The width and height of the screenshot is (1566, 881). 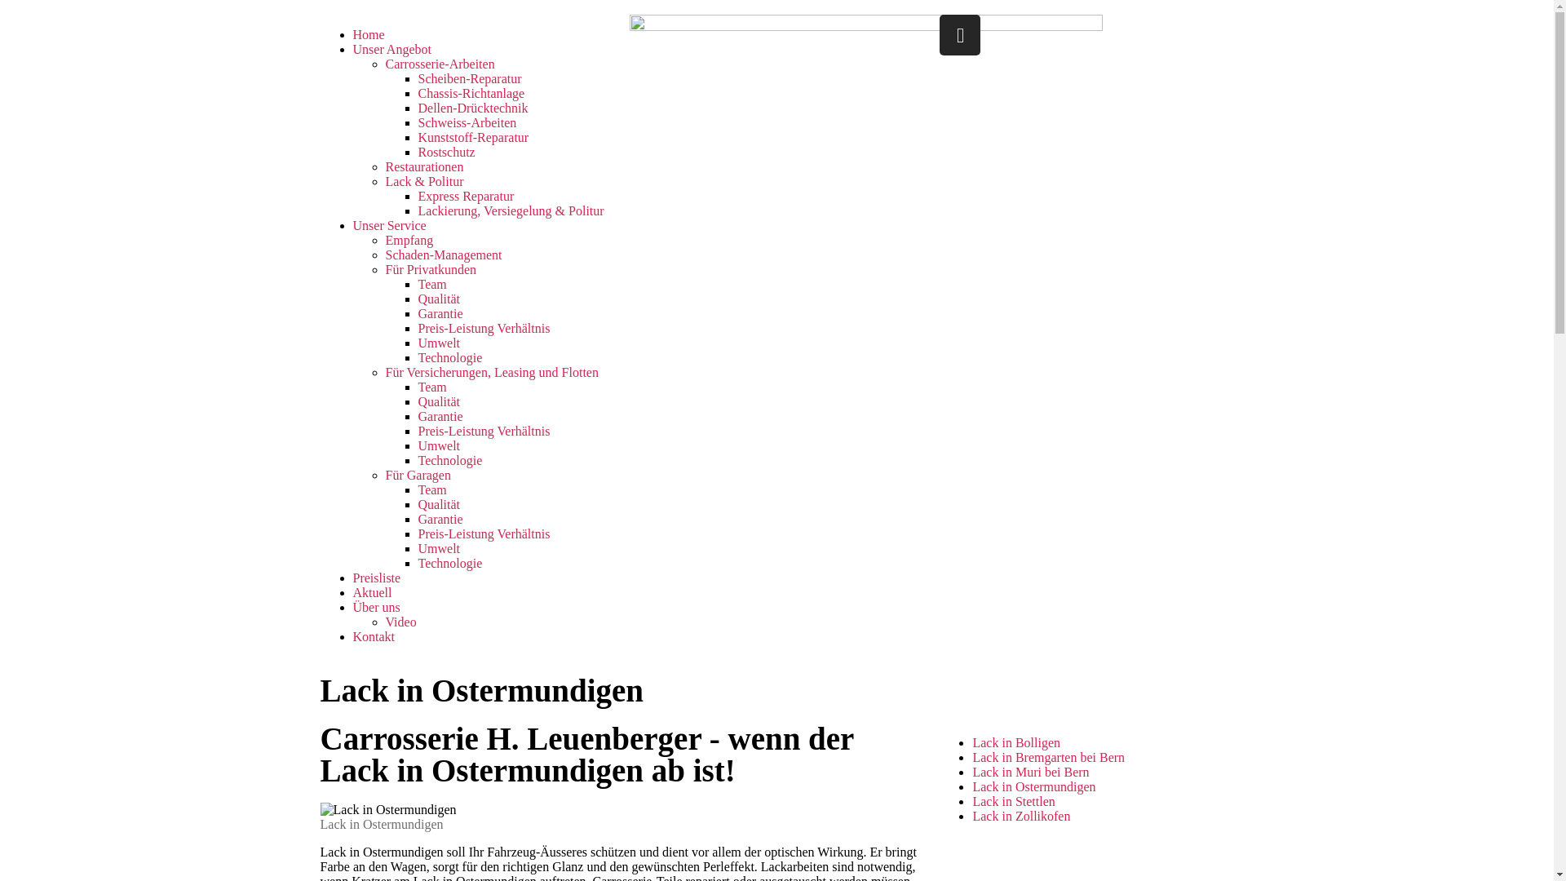 I want to click on 'Restaurationen', so click(x=423, y=166).